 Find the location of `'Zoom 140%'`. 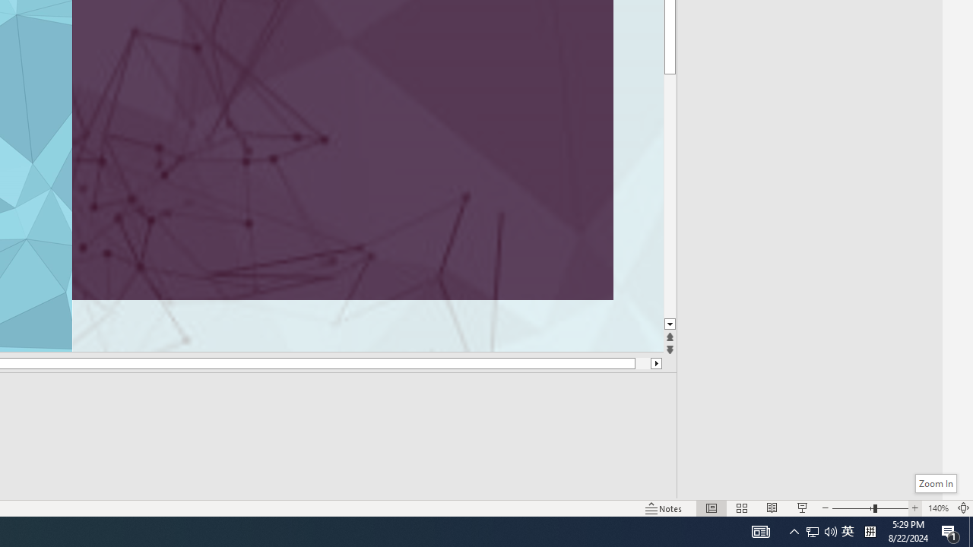

'Zoom 140%' is located at coordinates (937, 508).